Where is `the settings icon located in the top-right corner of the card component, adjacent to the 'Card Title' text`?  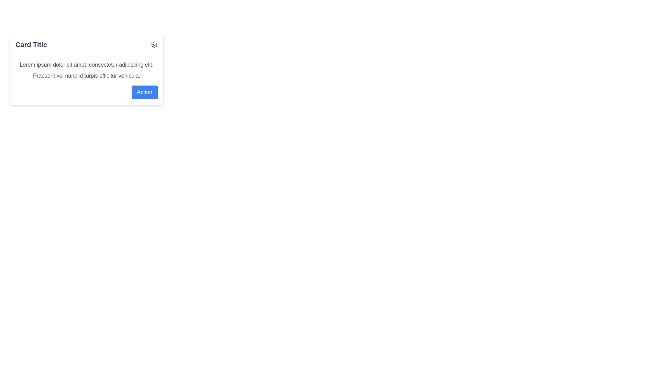
the settings icon located in the top-right corner of the card component, adjacent to the 'Card Title' text is located at coordinates (154, 44).